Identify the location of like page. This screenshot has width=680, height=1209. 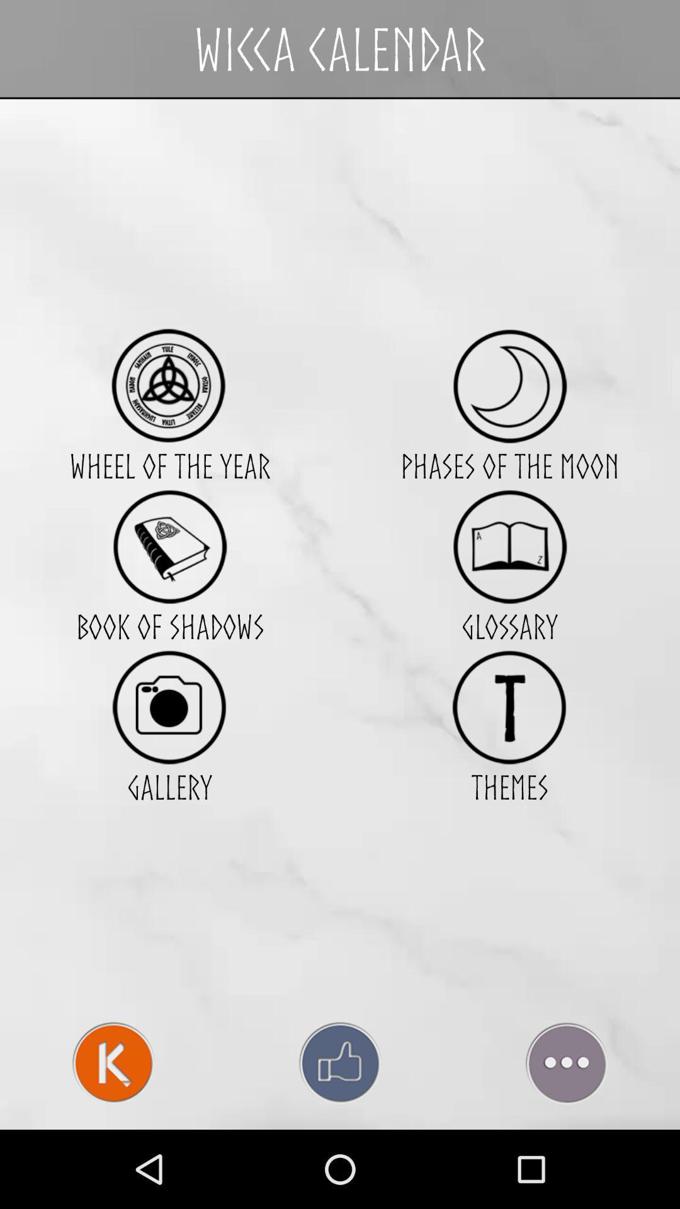
(340, 1062).